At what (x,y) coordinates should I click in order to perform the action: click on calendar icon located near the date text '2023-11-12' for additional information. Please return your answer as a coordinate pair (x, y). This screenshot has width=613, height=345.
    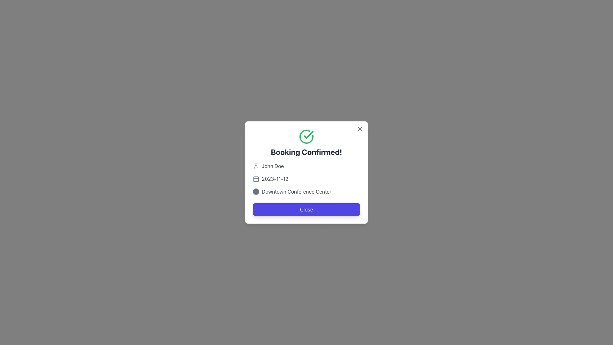
    Looking at the image, I should click on (256, 179).